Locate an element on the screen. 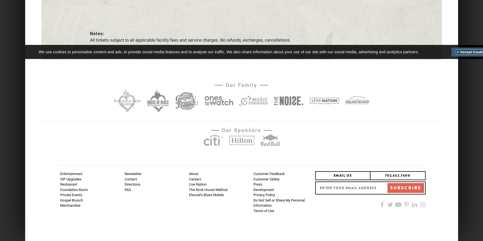  'No refunds, exchanges, cancellations.' is located at coordinates (254, 40).